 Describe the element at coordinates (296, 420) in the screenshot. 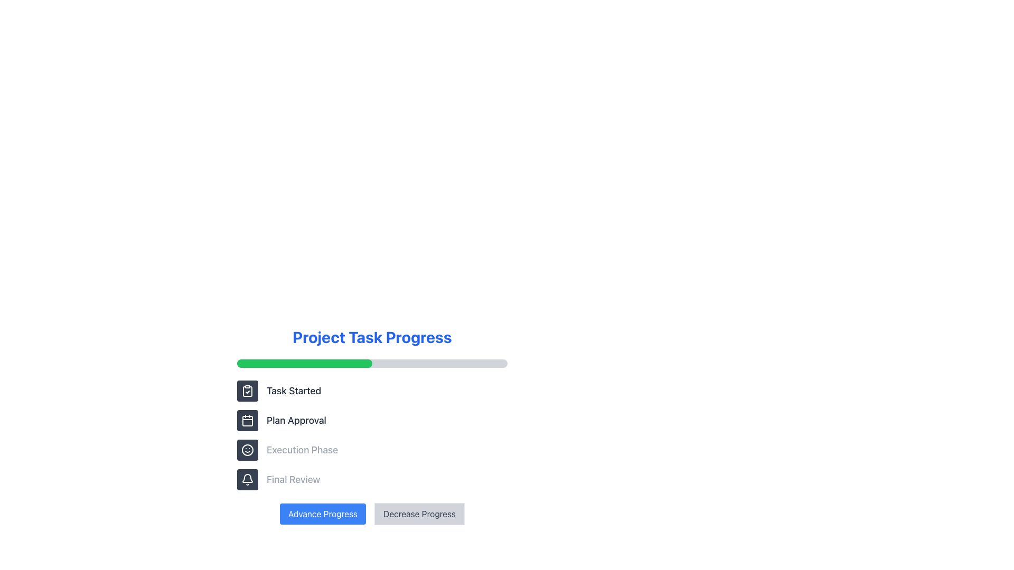

I see `label of the text element displaying 'Plan Approval', which is the second item in a vertical task list, located beneath 'Task Started' and above 'Execution Phase'` at that location.